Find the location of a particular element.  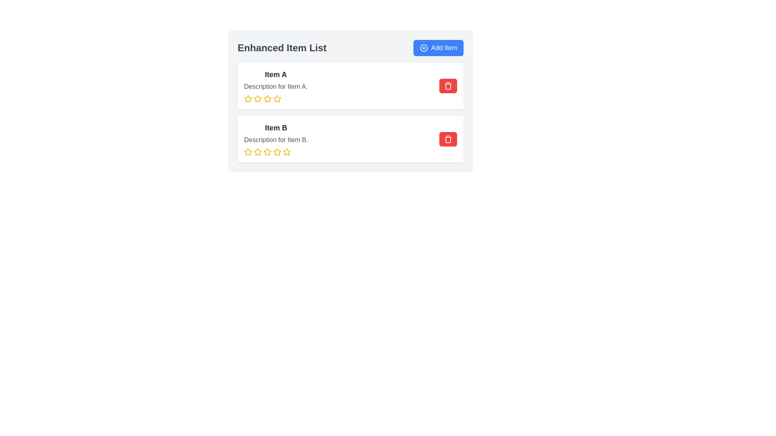

the third star icon in the rating system under 'Description for Item A' is located at coordinates (276, 99).